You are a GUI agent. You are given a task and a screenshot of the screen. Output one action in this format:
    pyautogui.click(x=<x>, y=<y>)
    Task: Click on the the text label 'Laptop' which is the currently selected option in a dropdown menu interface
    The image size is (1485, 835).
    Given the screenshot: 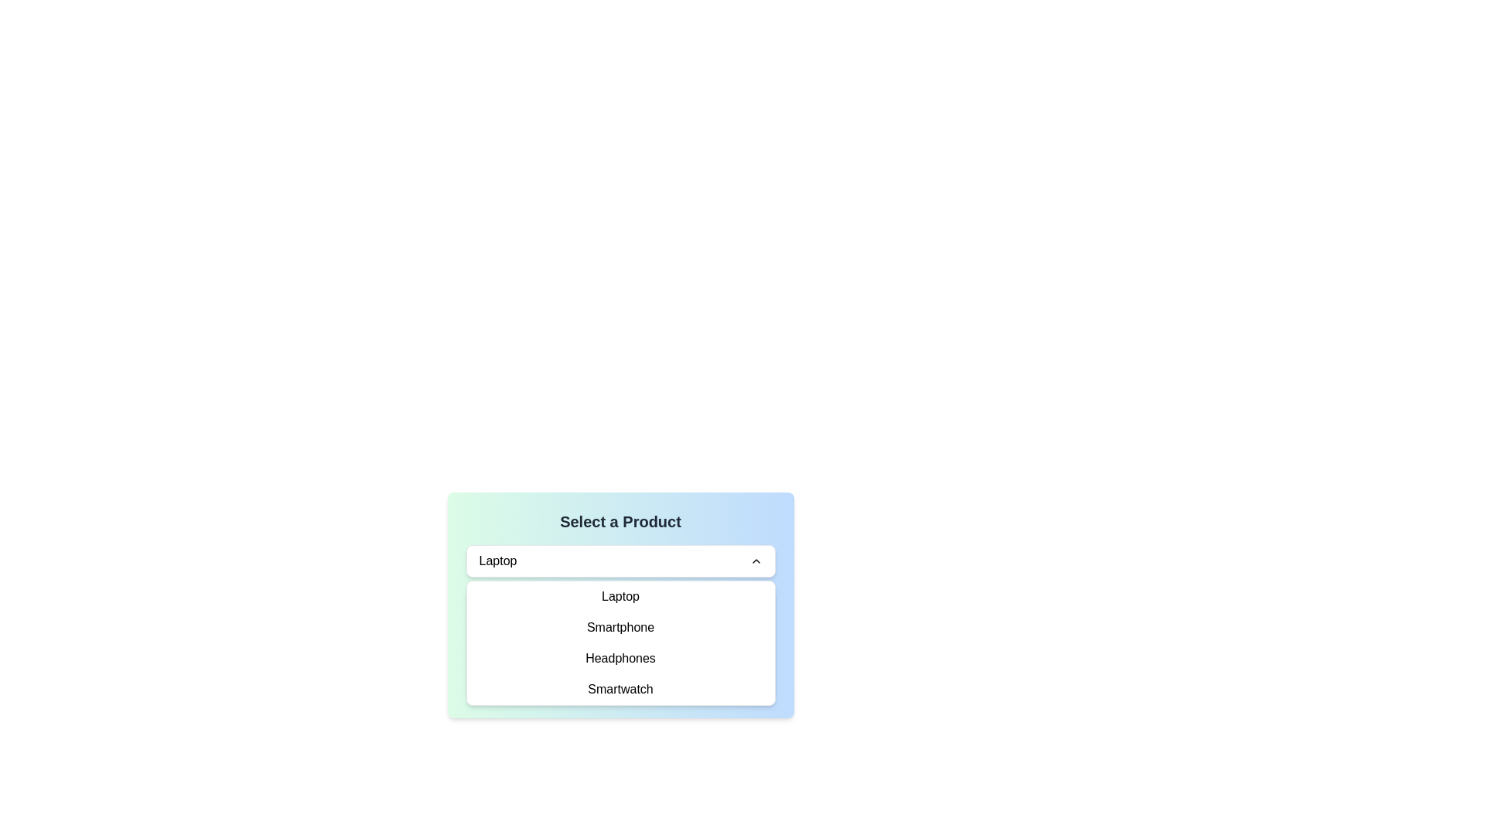 What is the action you would take?
    pyautogui.click(x=497, y=561)
    